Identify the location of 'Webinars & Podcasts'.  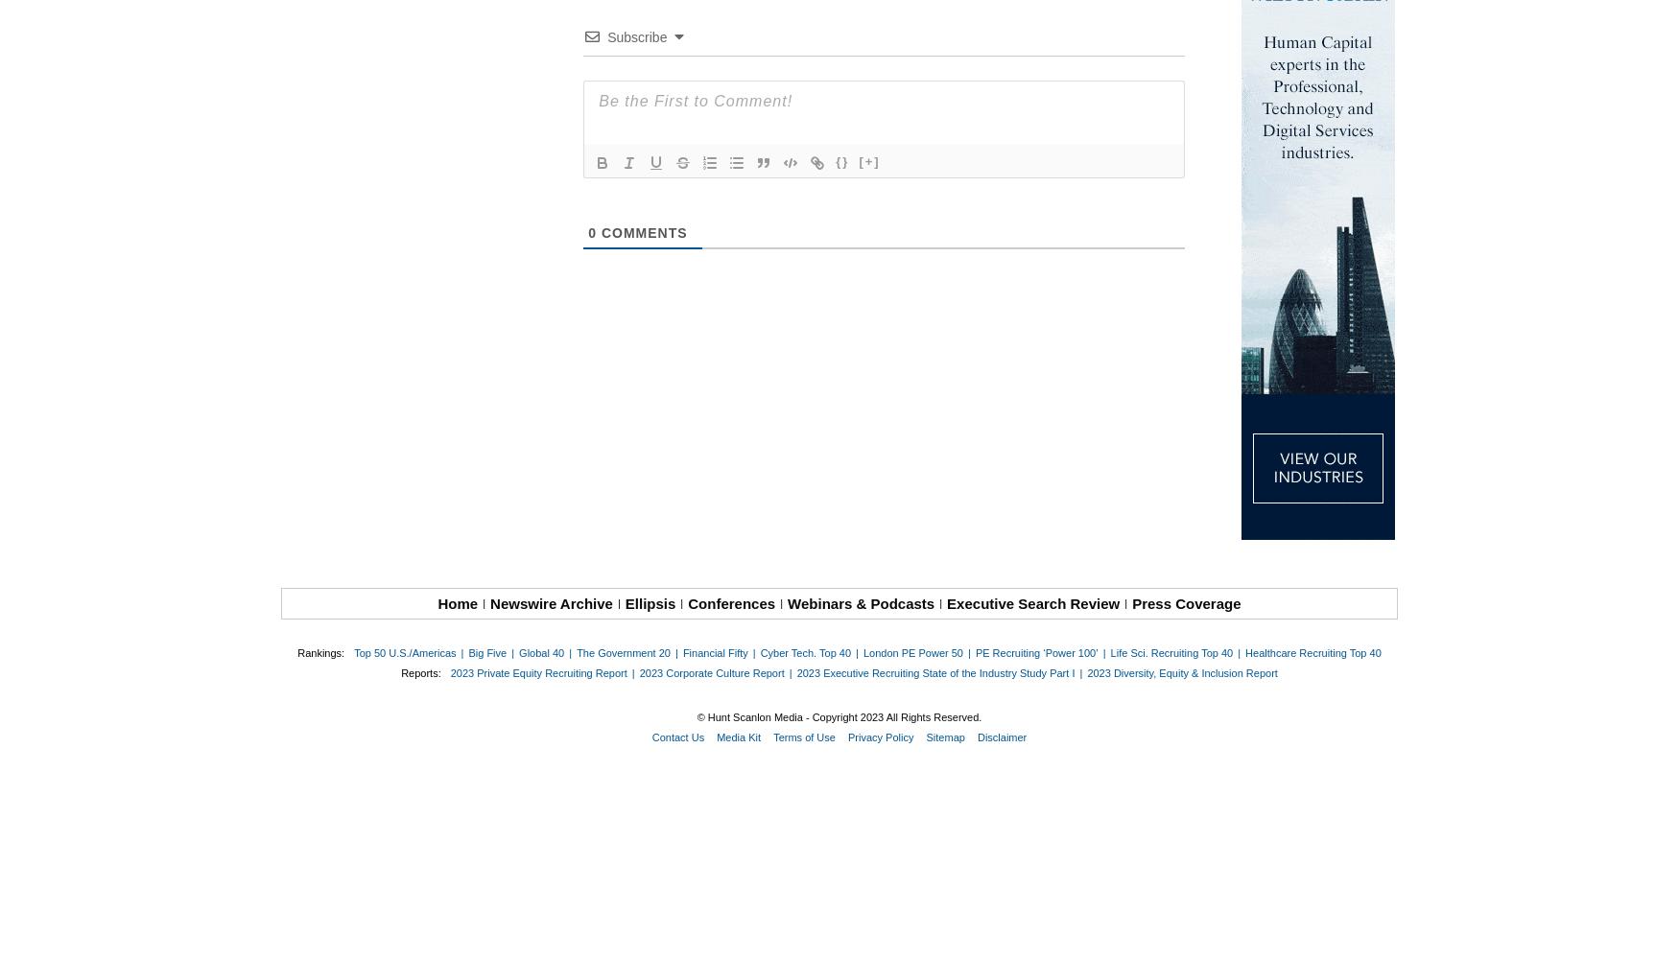
(860, 603).